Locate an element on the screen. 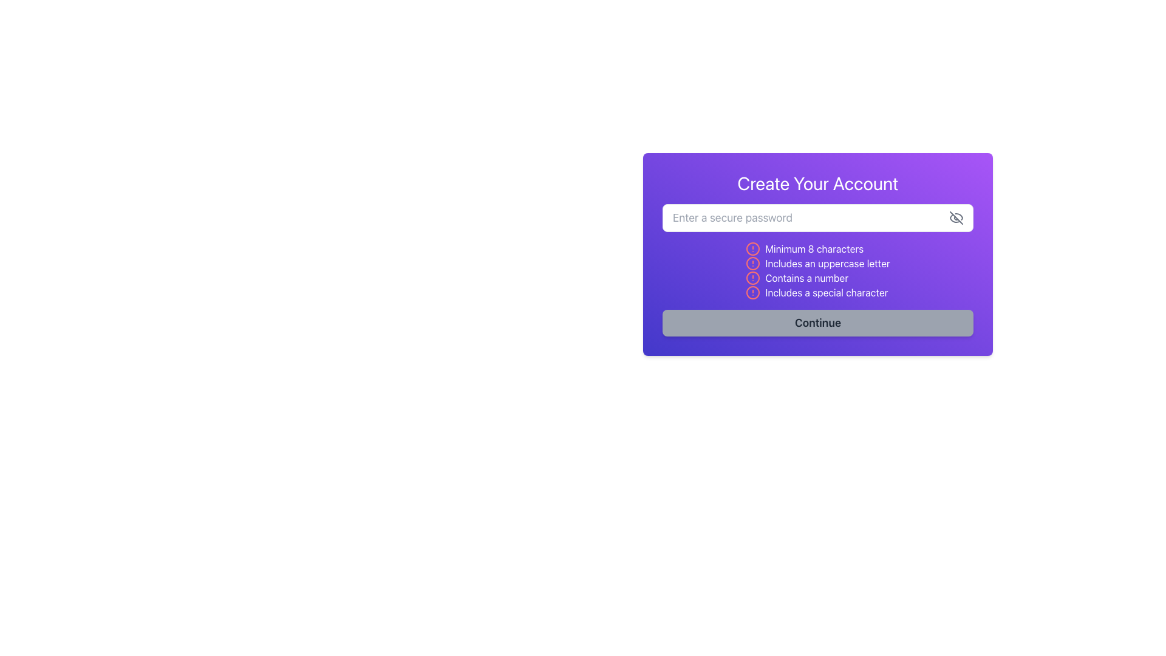  text that informs the user about the password requirements, specifically the requirement of a minimum of 8 characters, located below the input field labeled 'Enter a secure password' is located at coordinates (818, 248).